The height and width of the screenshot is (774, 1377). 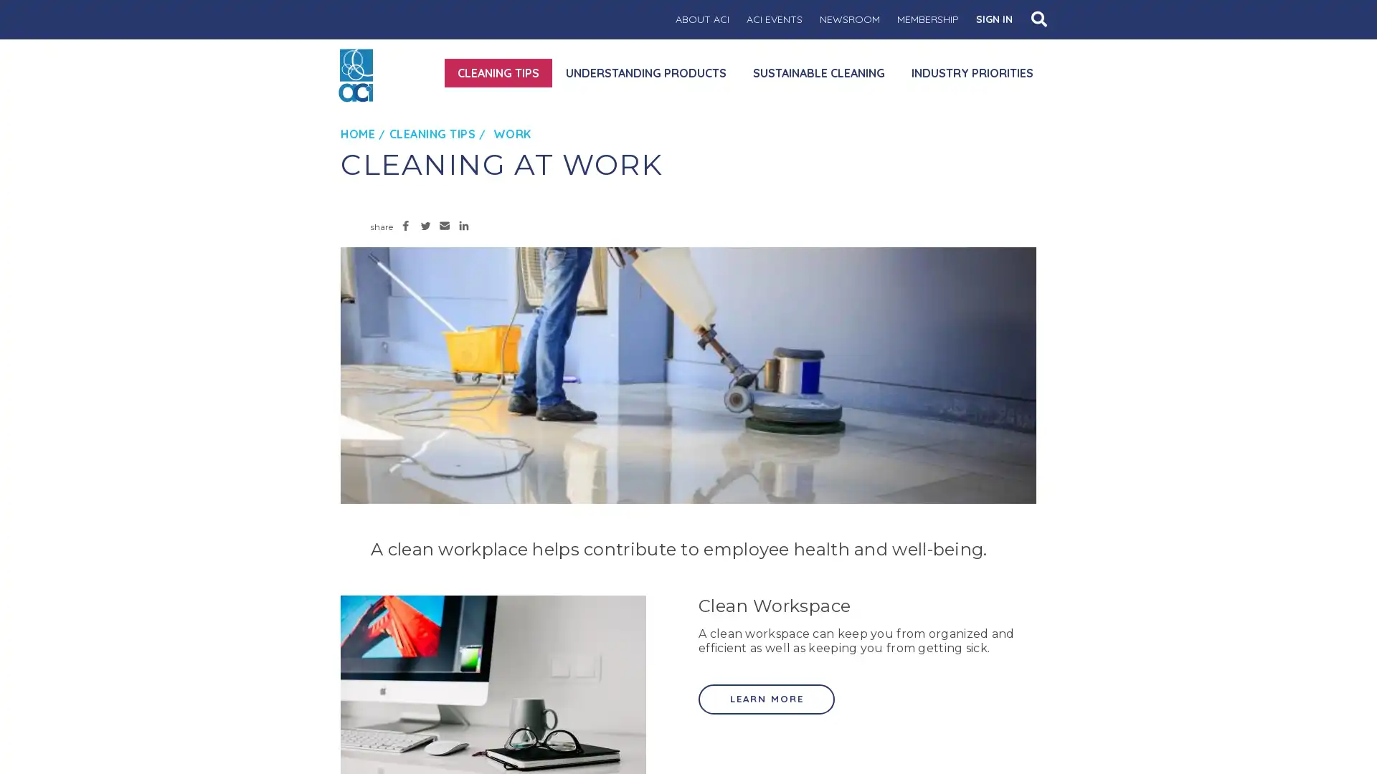 I want to click on Share to LinkedIn, so click(x=456, y=226).